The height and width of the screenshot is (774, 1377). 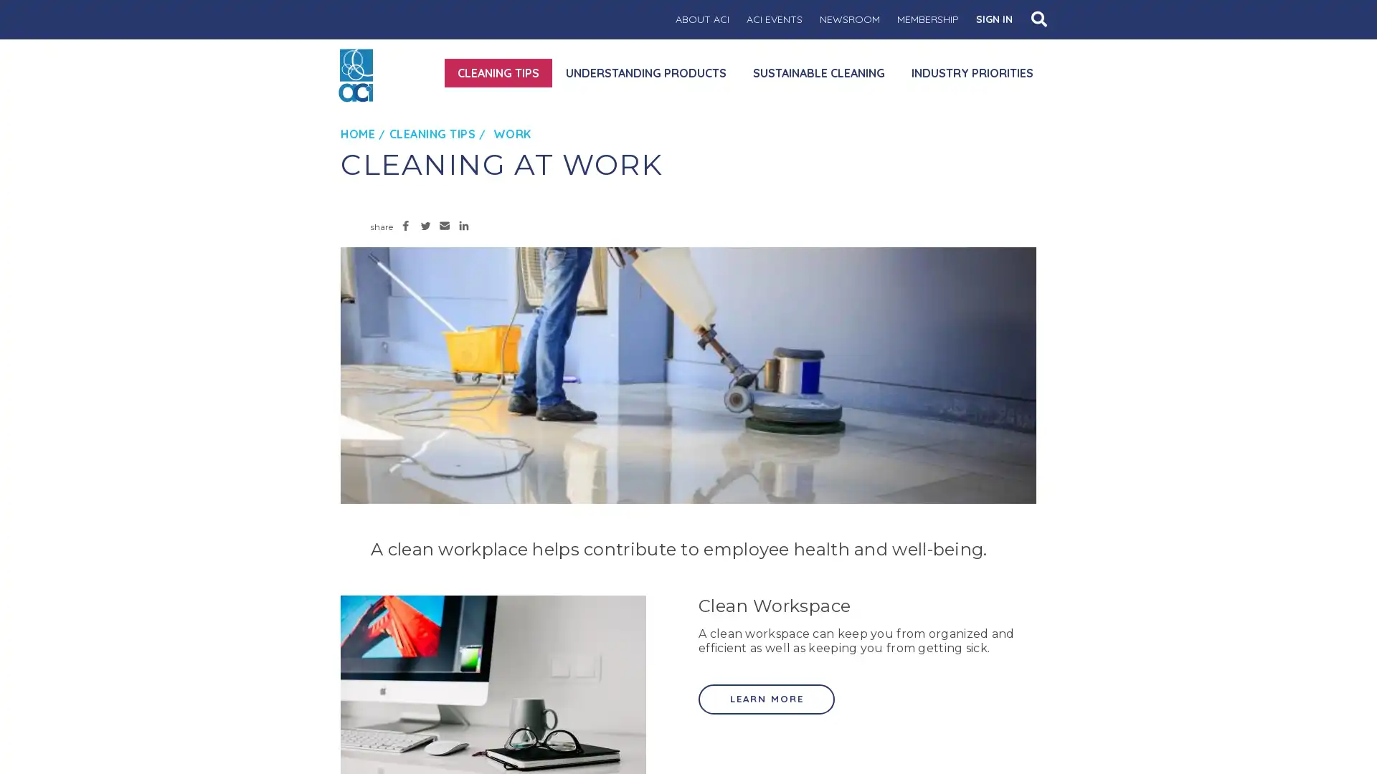 I want to click on Share to LinkedIn, so click(x=456, y=226).